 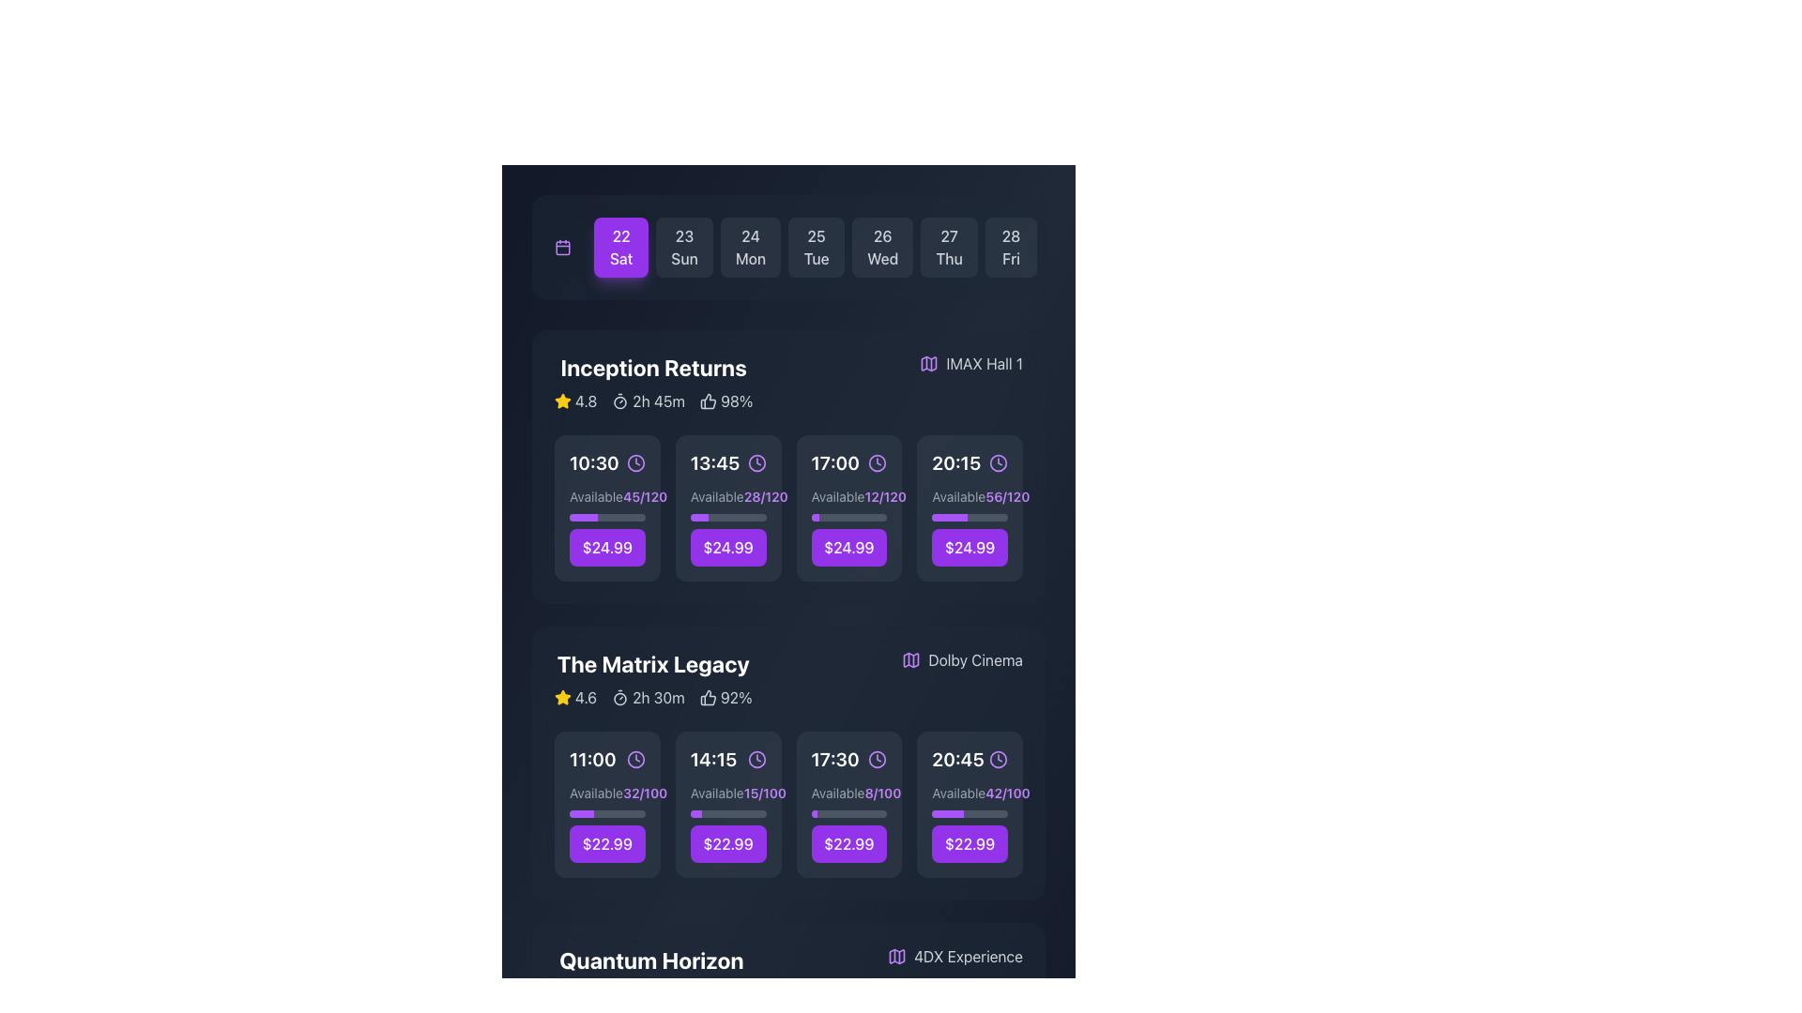 I want to click on the vibrant purple button displaying '$24.99', so click(x=848, y=547).